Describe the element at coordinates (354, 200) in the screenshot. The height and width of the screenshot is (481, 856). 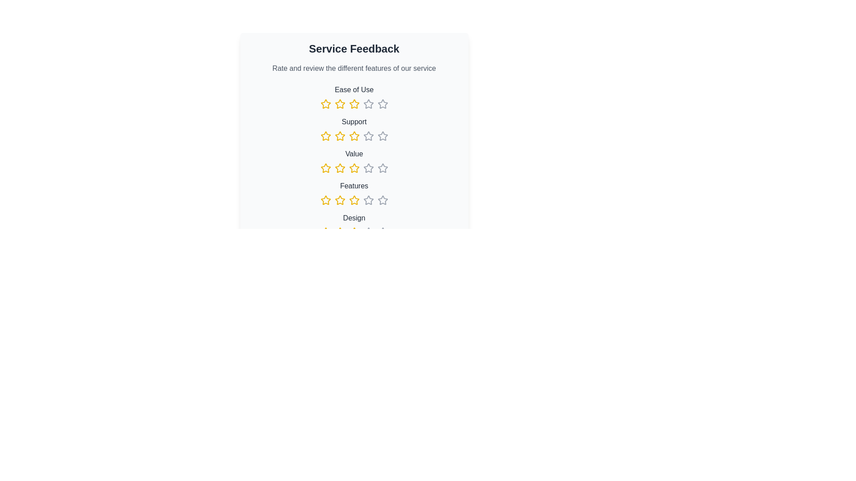
I see `the fourth star icon in the Features rating row to give a rating` at that location.